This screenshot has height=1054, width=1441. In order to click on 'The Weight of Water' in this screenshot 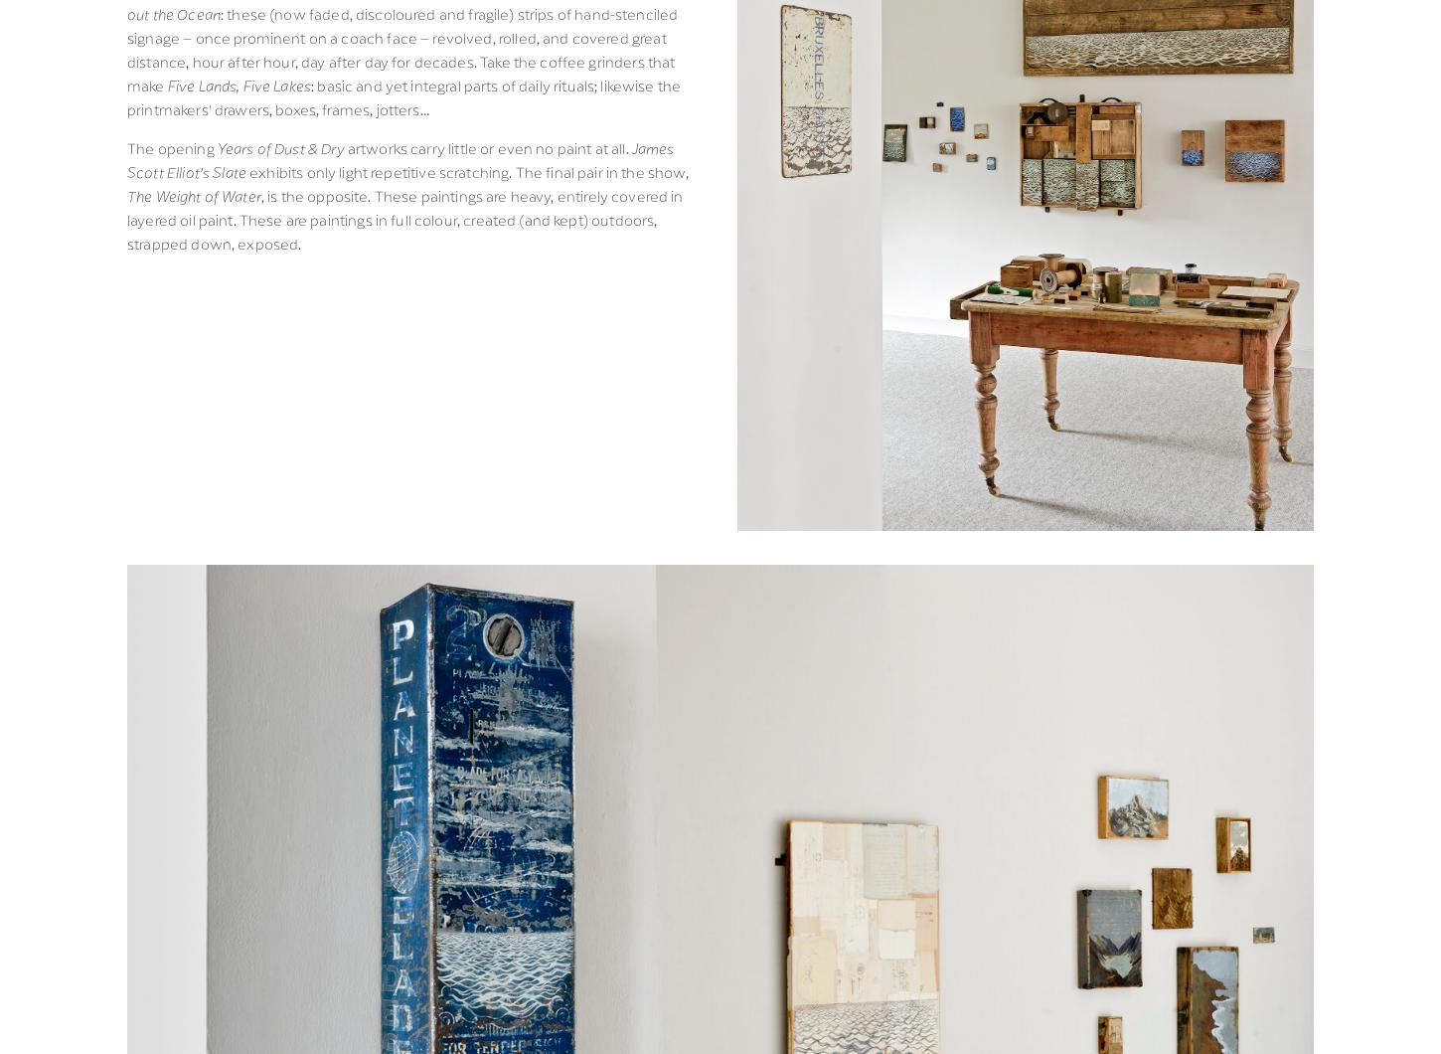, I will do `click(126, 193)`.